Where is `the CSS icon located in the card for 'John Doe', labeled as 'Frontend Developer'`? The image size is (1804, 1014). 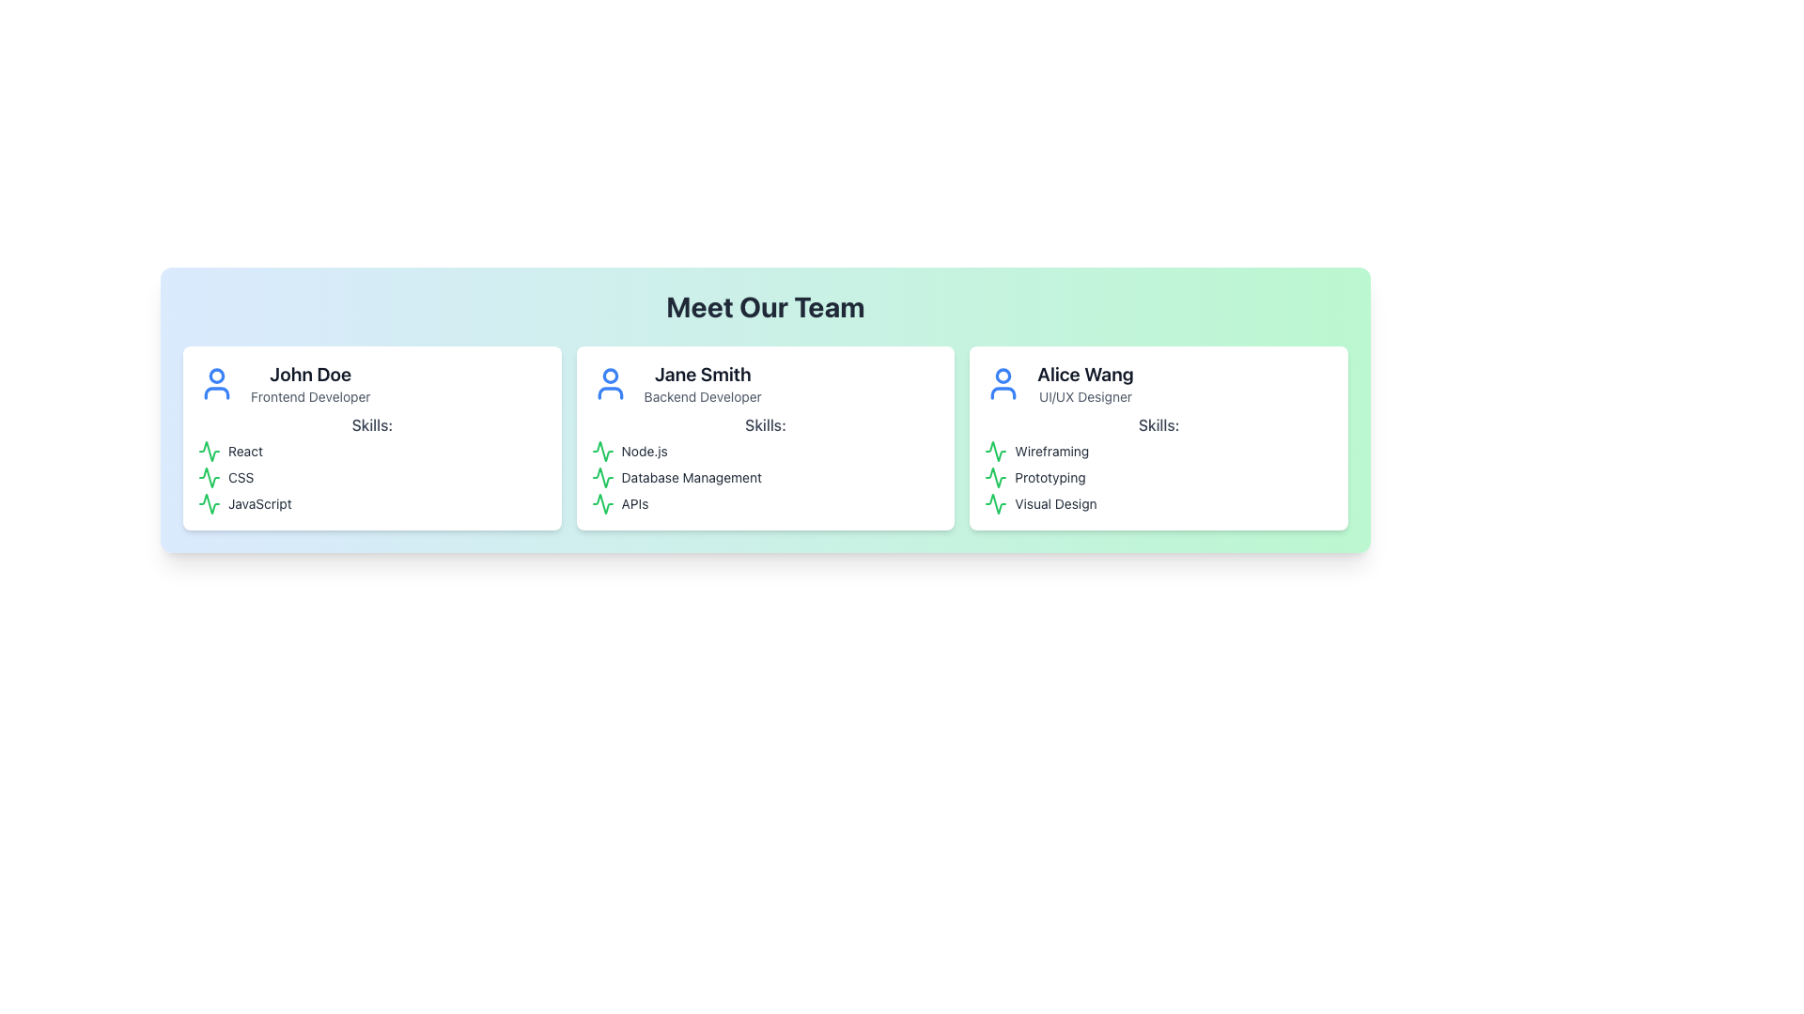 the CSS icon located in the card for 'John Doe', labeled as 'Frontend Developer' is located at coordinates (209, 477).